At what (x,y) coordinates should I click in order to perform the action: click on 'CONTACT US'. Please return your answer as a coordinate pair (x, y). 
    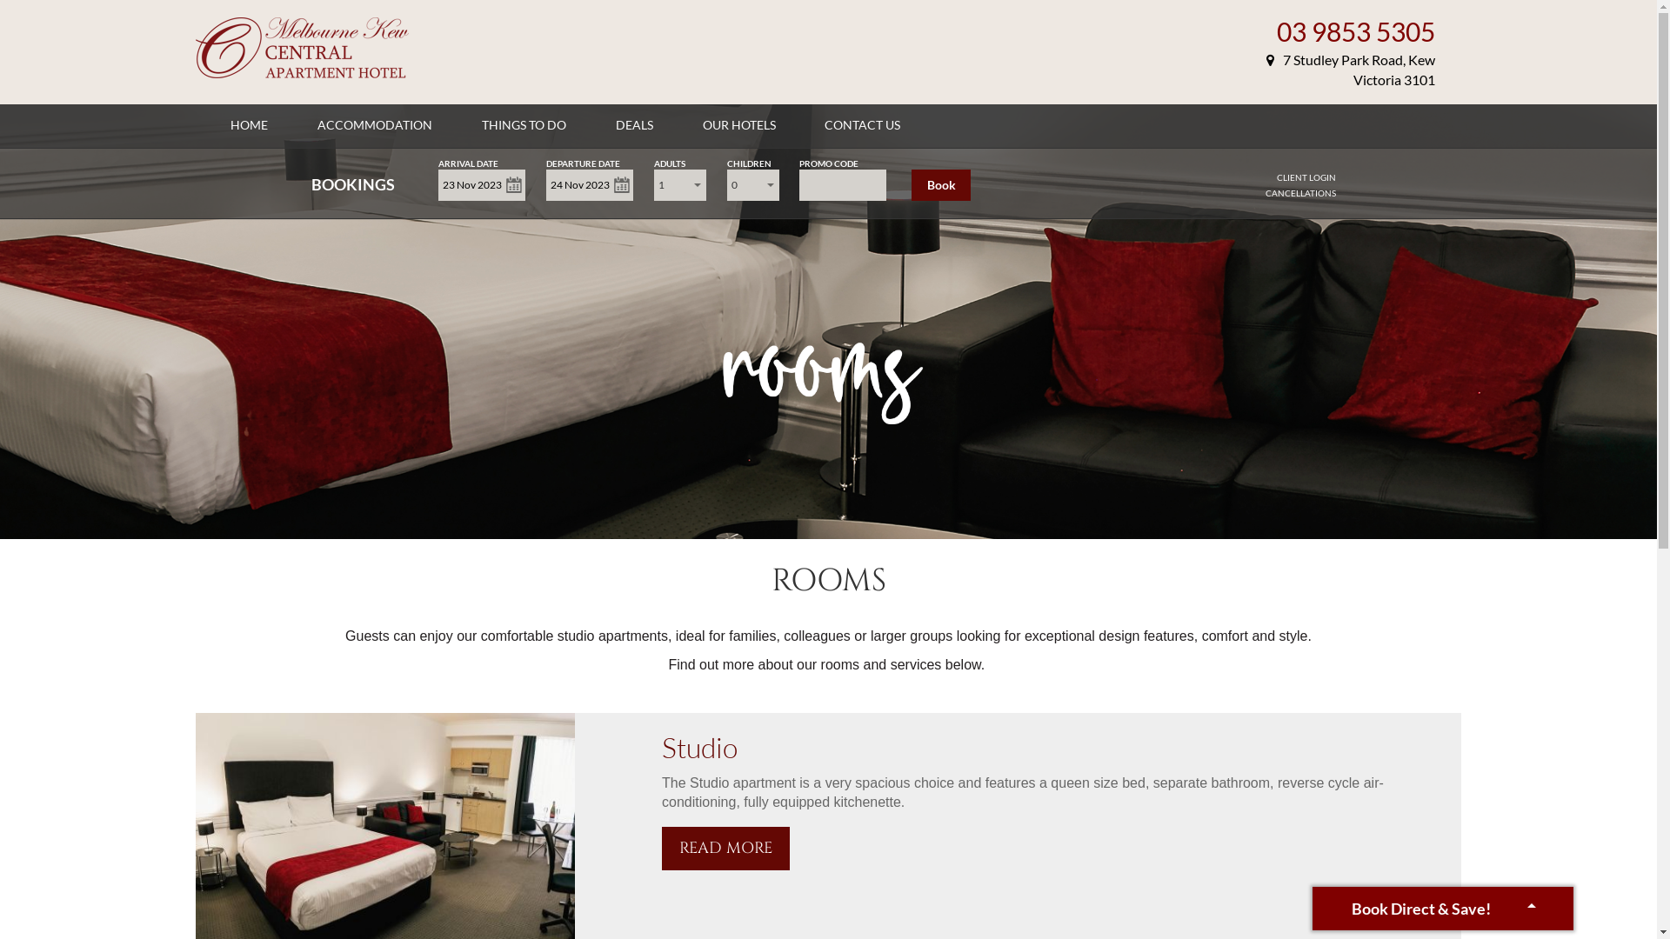
    Looking at the image, I should click on (862, 123).